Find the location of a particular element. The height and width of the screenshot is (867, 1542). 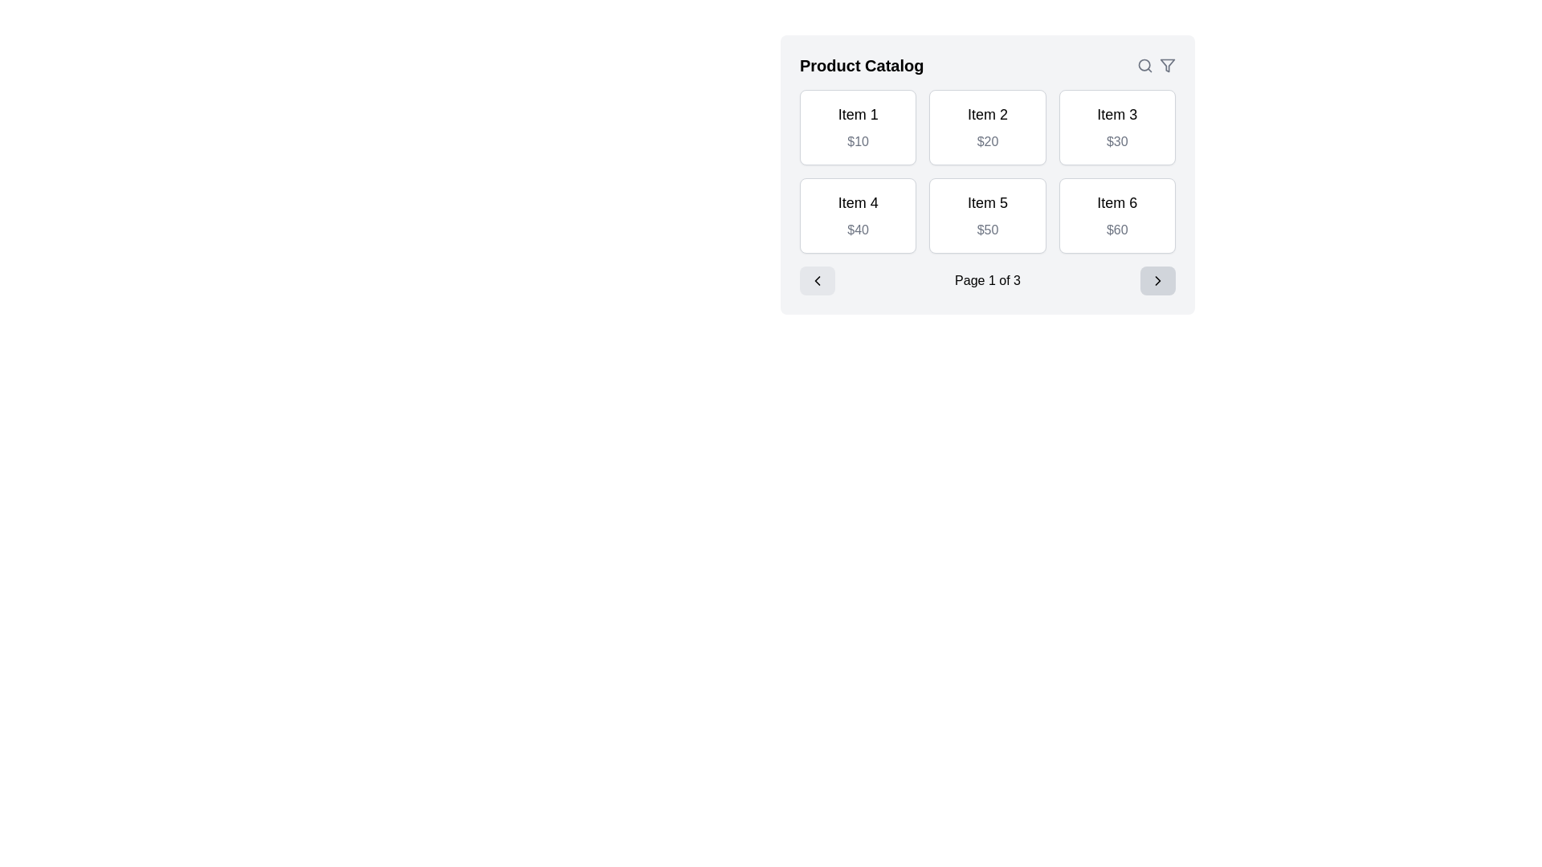

the inner circular element of the search icon located in the upper-right corner of the UI is located at coordinates (1144, 64).